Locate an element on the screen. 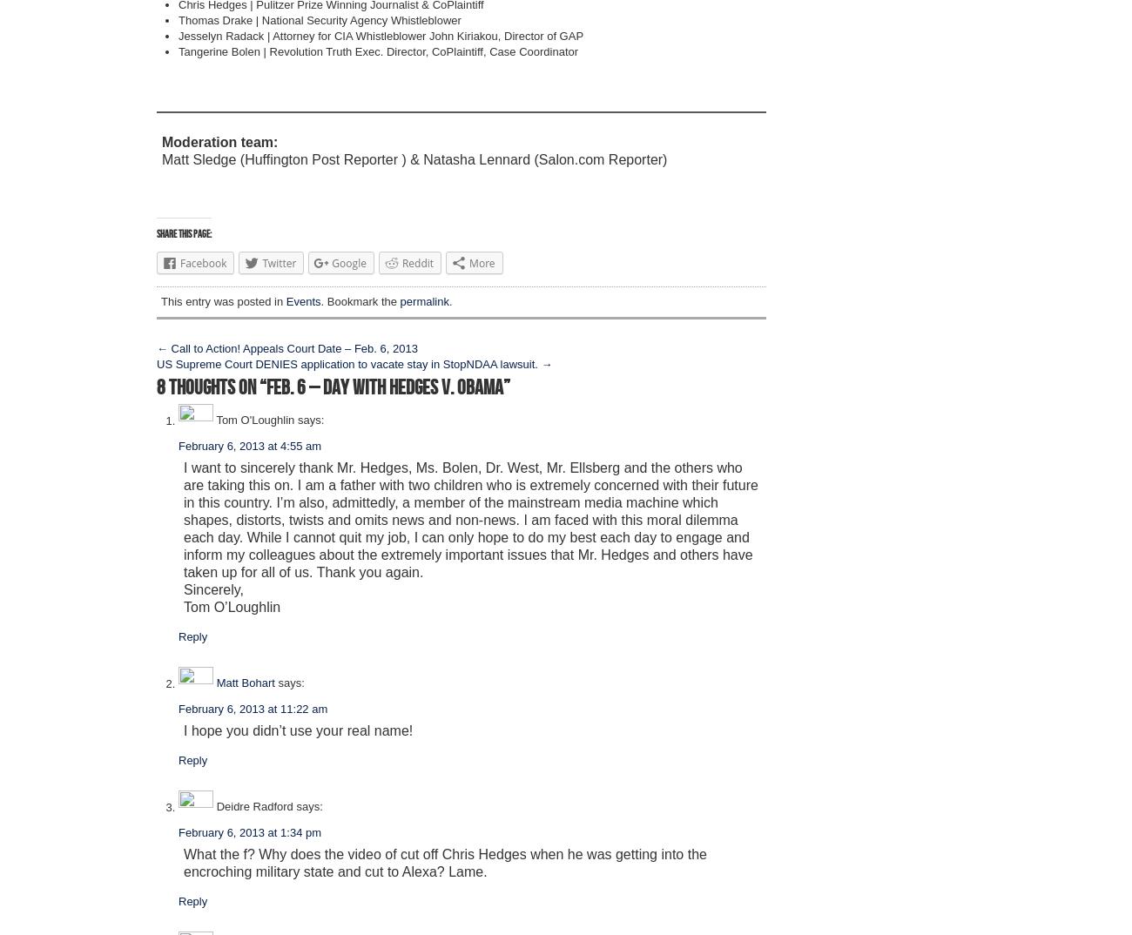  'Tom O'Loughlin' is located at coordinates (255, 419).